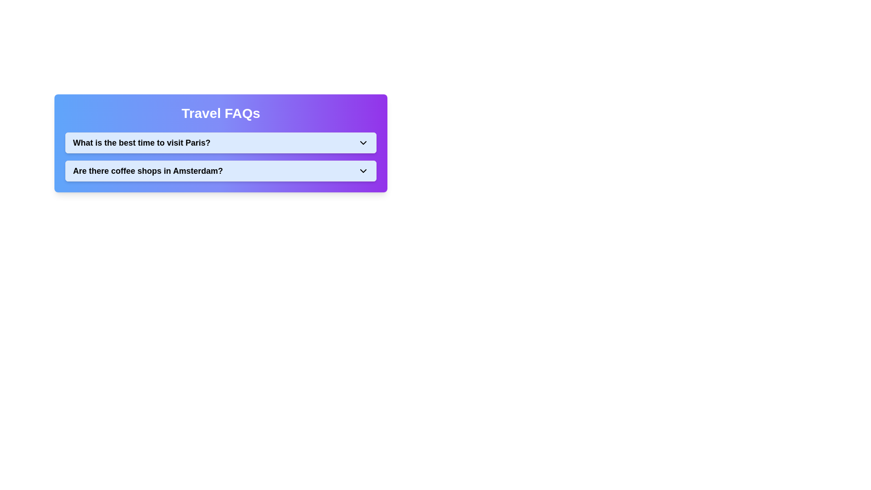 This screenshot has height=490, width=871. I want to click on the collapsible button that asks 'Are there coffee shops in Amsterdam?' which is styled with rounded corners and has a downward-facing chevron icon, so click(220, 171).